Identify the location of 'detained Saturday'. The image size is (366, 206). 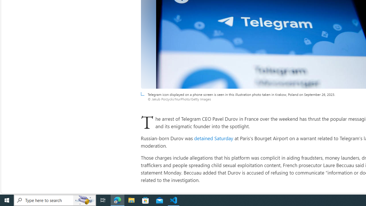
(213, 138).